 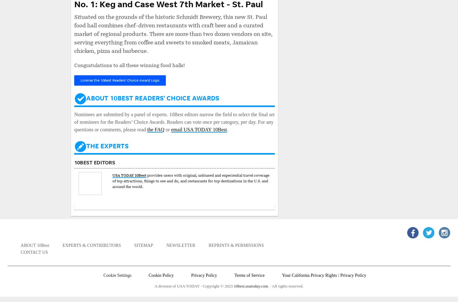 I want to click on 'Contact Us', so click(x=34, y=252).